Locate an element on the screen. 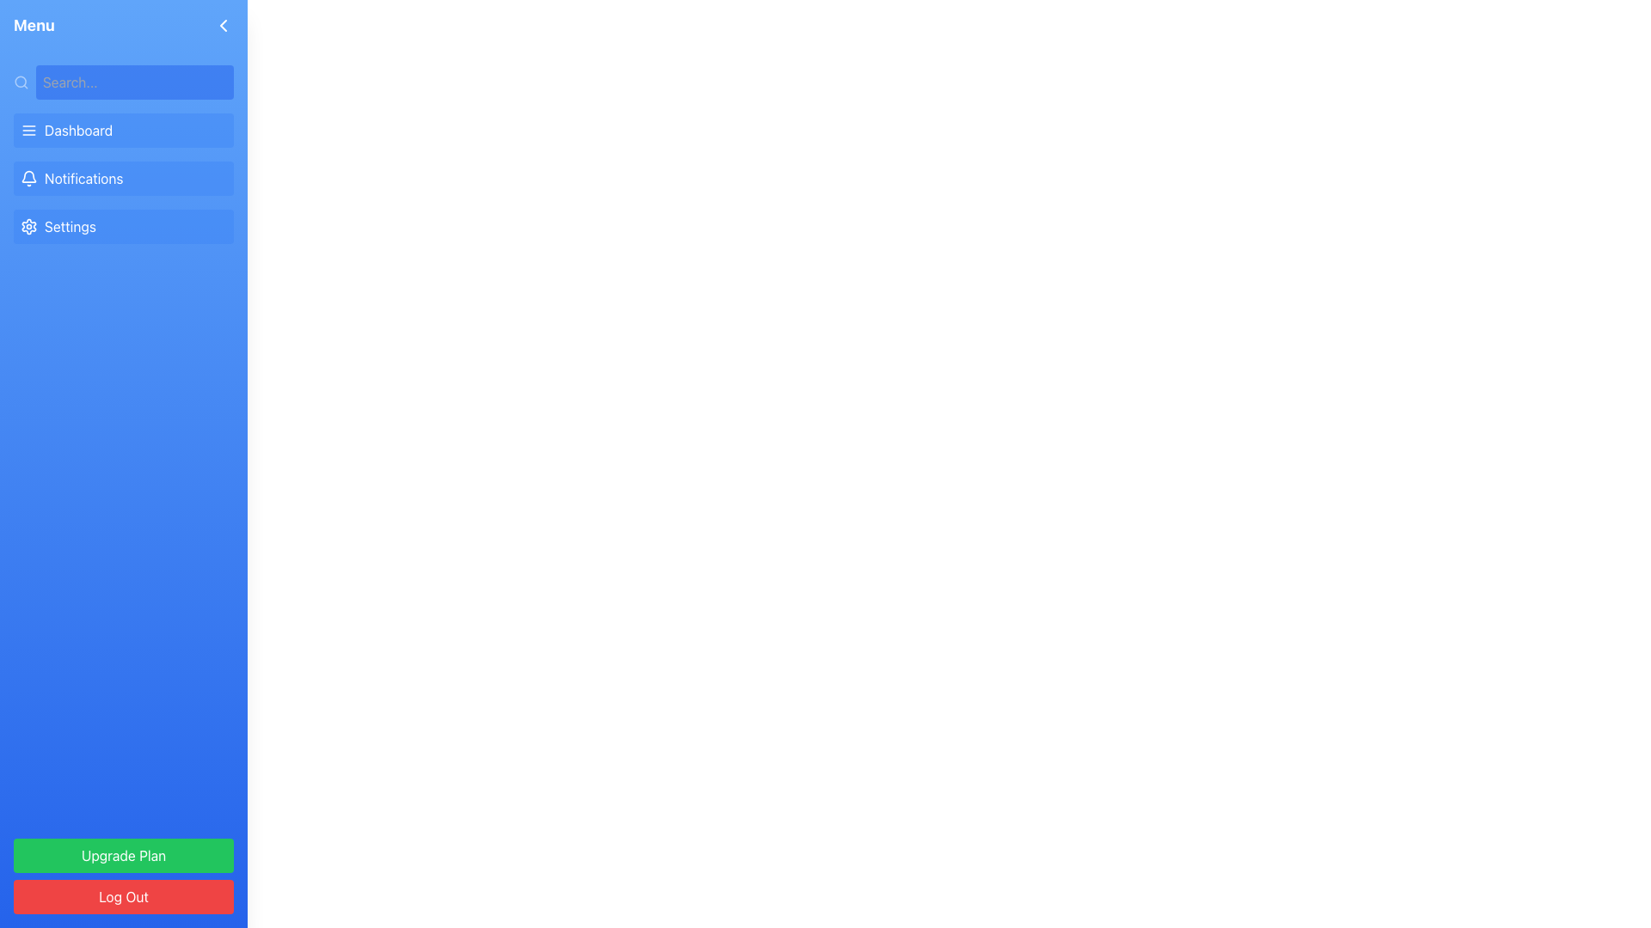  the 'Log Out' button, which is a rectangular button with a red background and white text, located below the 'Upgrade Plan' button in the left side navigation menu is located at coordinates (123, 896).